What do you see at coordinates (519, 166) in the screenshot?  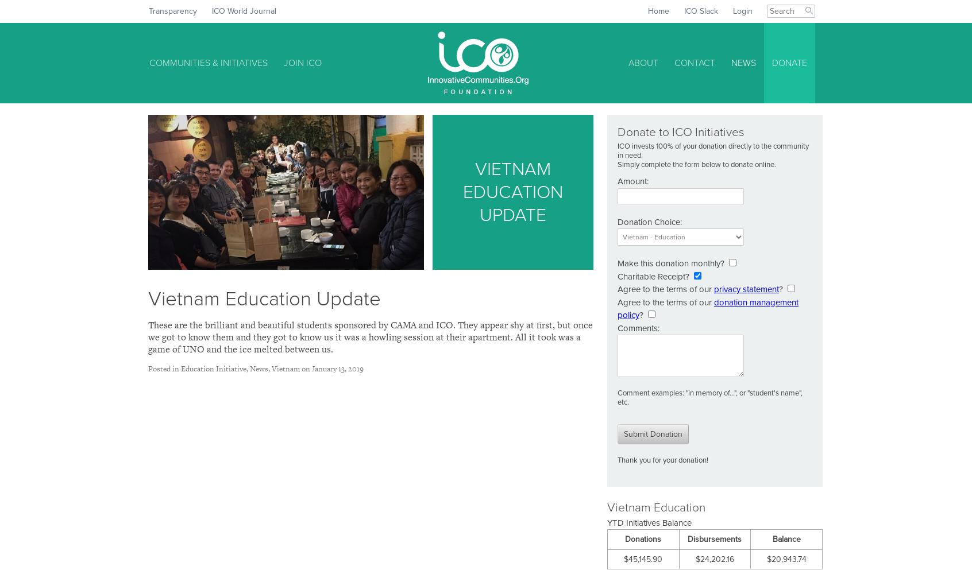 I see `'Nepal Health'` at bounding box center [519, 166].